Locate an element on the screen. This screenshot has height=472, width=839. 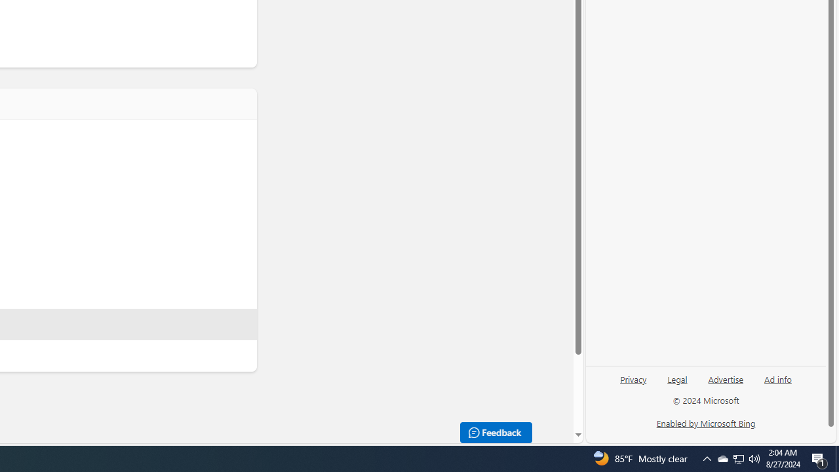
'Privacy' is located at coordinates (634, 383).